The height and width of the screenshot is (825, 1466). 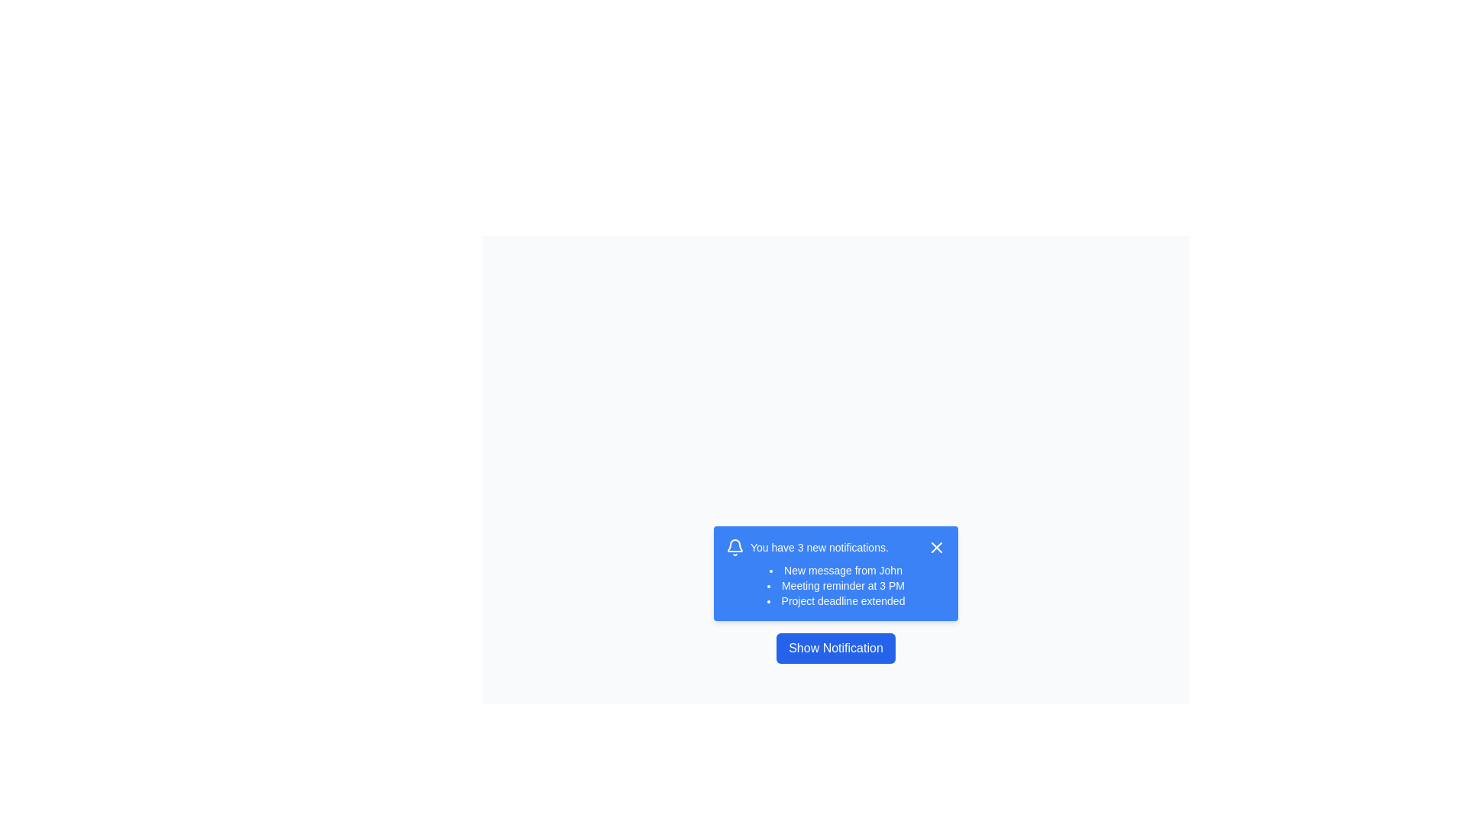 What do you see at coordinates (835, 585) in the screenshot?
I see `the non-interactive informational text that conveys a meeting reminder, positioned in the blue notification box between 'New message from John' and 'Project deadline extended'` at bounding box center [835, 585].